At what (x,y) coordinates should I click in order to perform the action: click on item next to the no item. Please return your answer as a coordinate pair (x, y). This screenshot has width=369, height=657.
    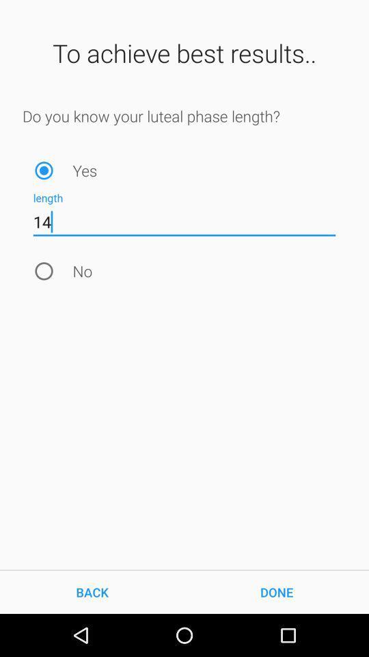
    Looking at the image, I should click on (44, 270).